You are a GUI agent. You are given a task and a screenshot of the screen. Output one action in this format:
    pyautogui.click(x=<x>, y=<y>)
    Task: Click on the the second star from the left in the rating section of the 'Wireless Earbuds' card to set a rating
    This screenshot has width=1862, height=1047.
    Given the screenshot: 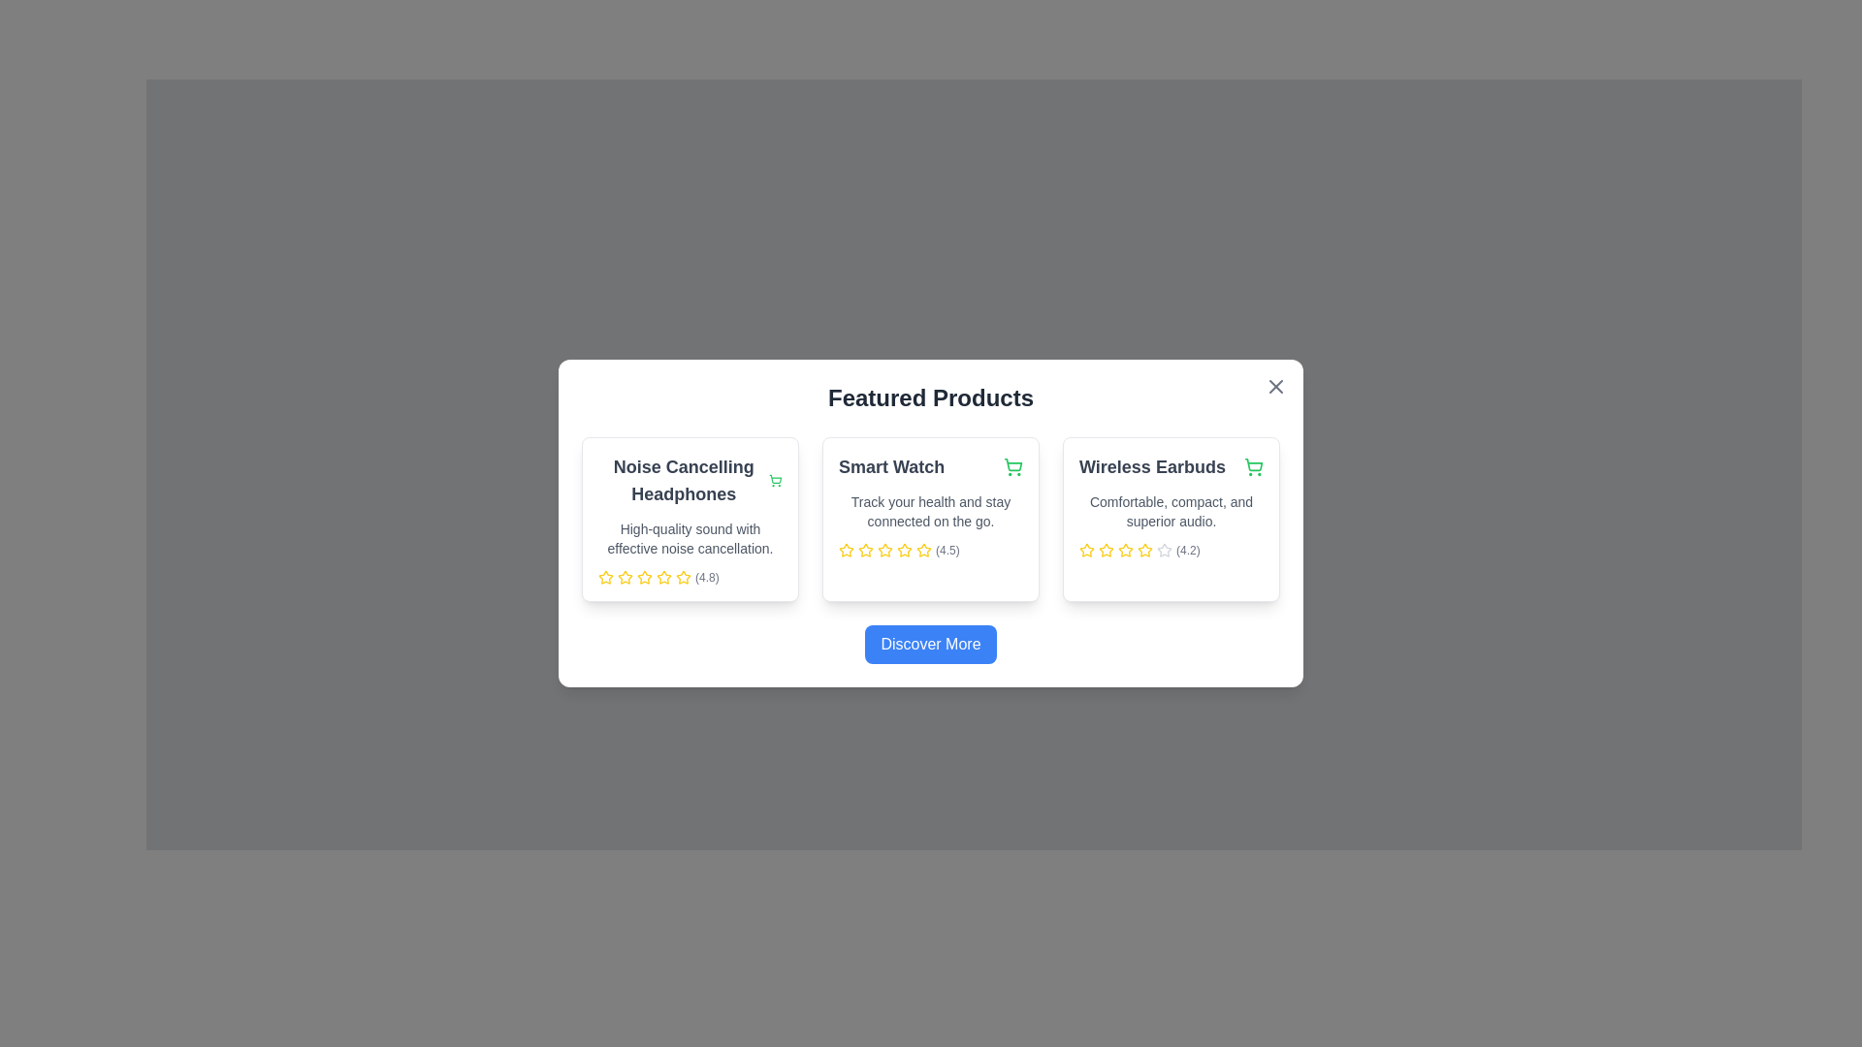 What is the action you would take?
    pyautogui.click(x=1084, y=550)
    